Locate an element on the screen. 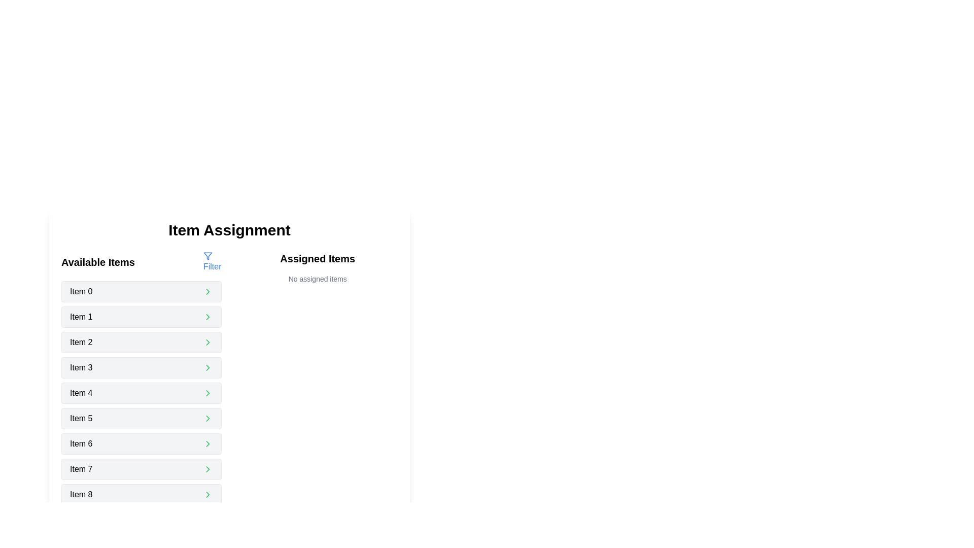  the blue funnel-shaped filter icon located next to the 'Filter' label in the header section above the item lists is located at coordinates (207, 256).